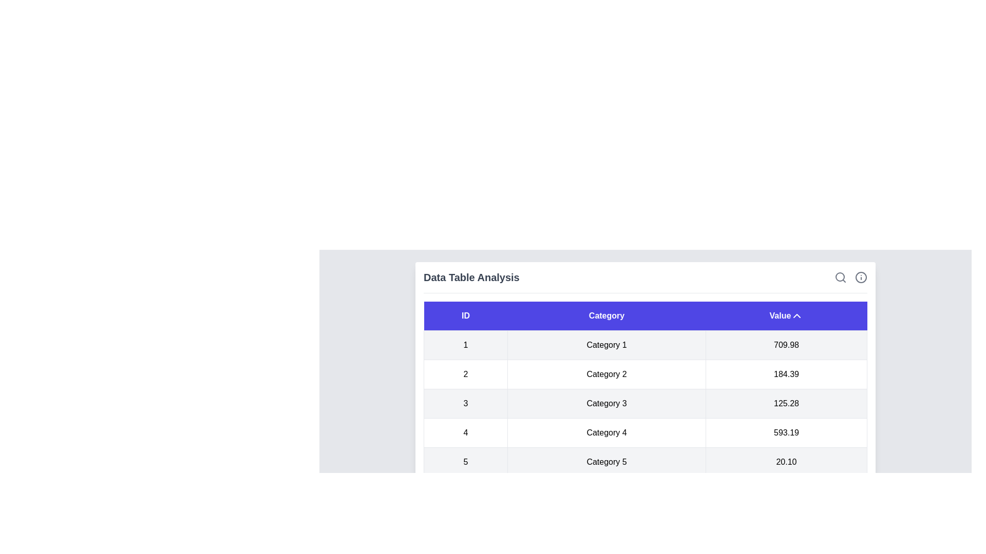  What do you see at coordinates (861, 277) in the screenshot?
I see `the info icon in the header of the table` at bounding box center [861, 277].